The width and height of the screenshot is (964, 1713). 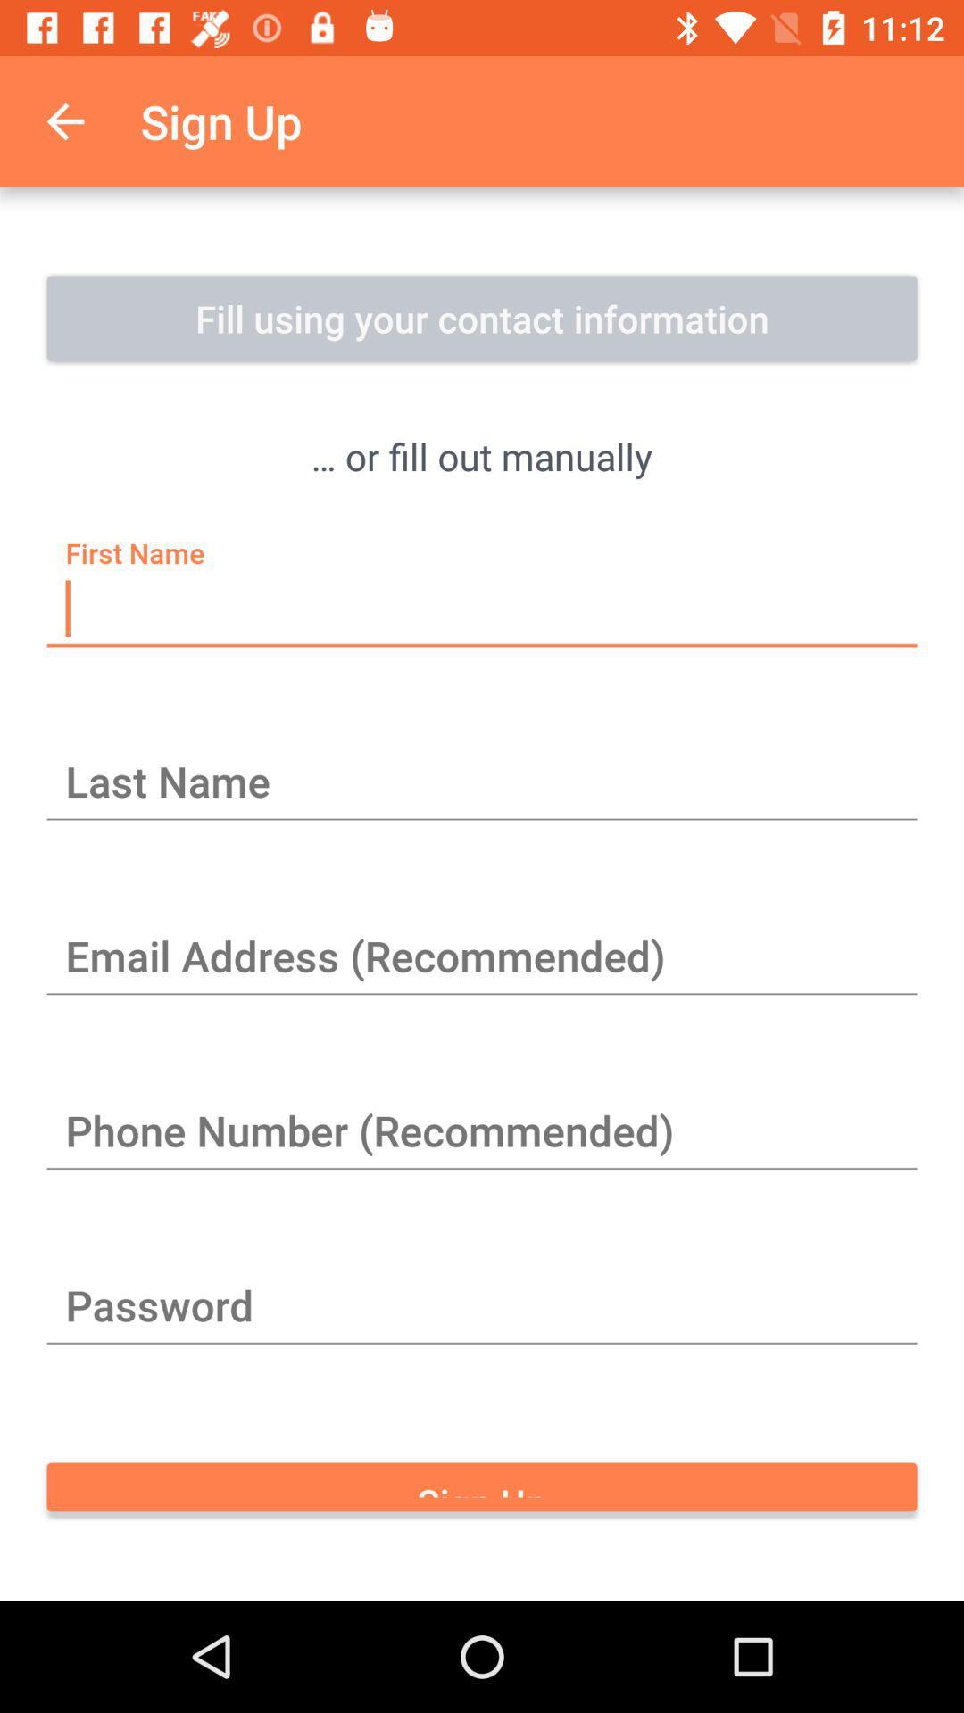 What do you see at coordinates (482, 609) in the screenshot?
I see `the item below the or fill out item` at bounding box center [482, 609].